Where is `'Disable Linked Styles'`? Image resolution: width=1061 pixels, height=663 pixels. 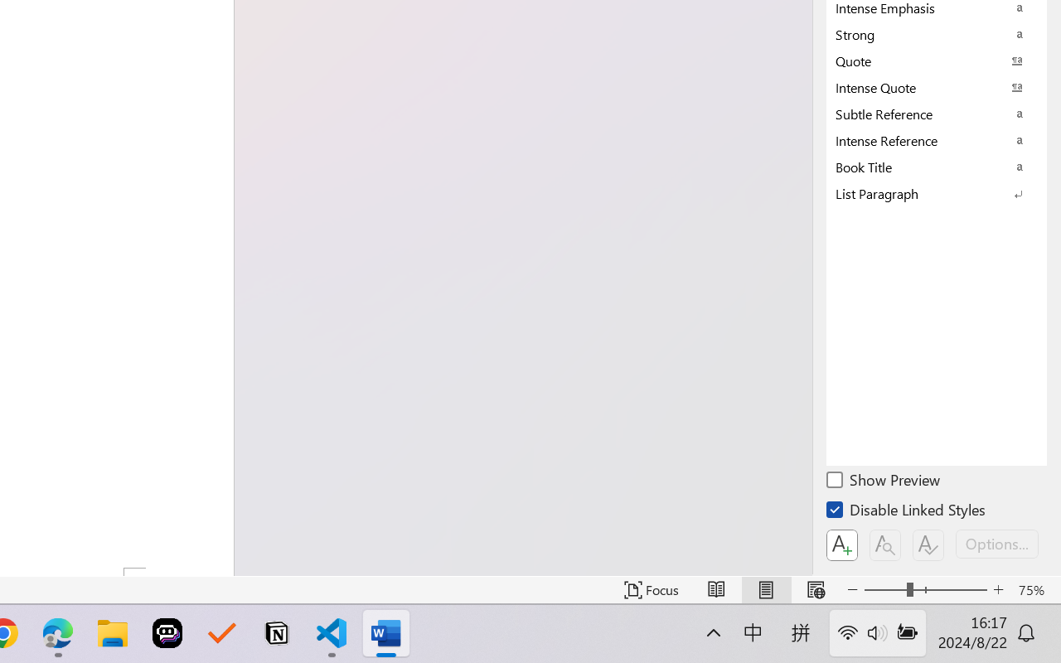
'Disable Linked Styles' is located at coordinates (907, 512).